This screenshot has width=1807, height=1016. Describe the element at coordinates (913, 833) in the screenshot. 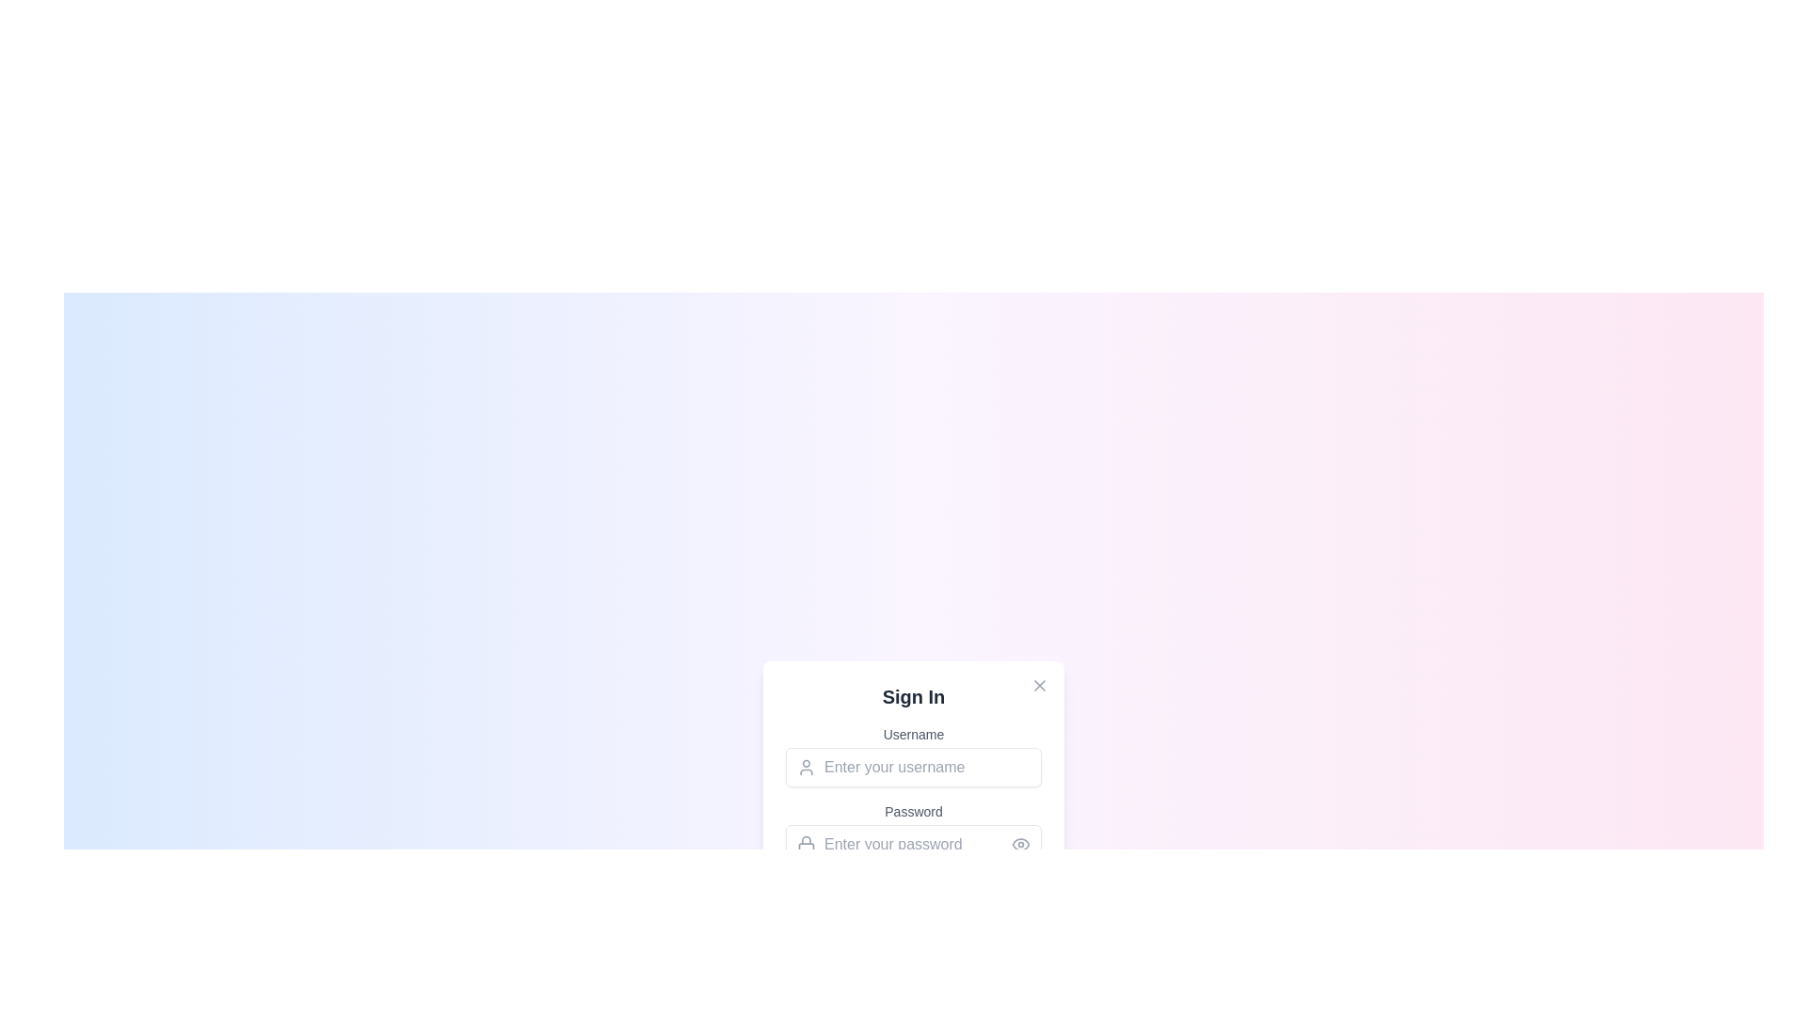

I see `the Password Input Field located below the 'Username' input field and above the 'Log In' button` at that location.